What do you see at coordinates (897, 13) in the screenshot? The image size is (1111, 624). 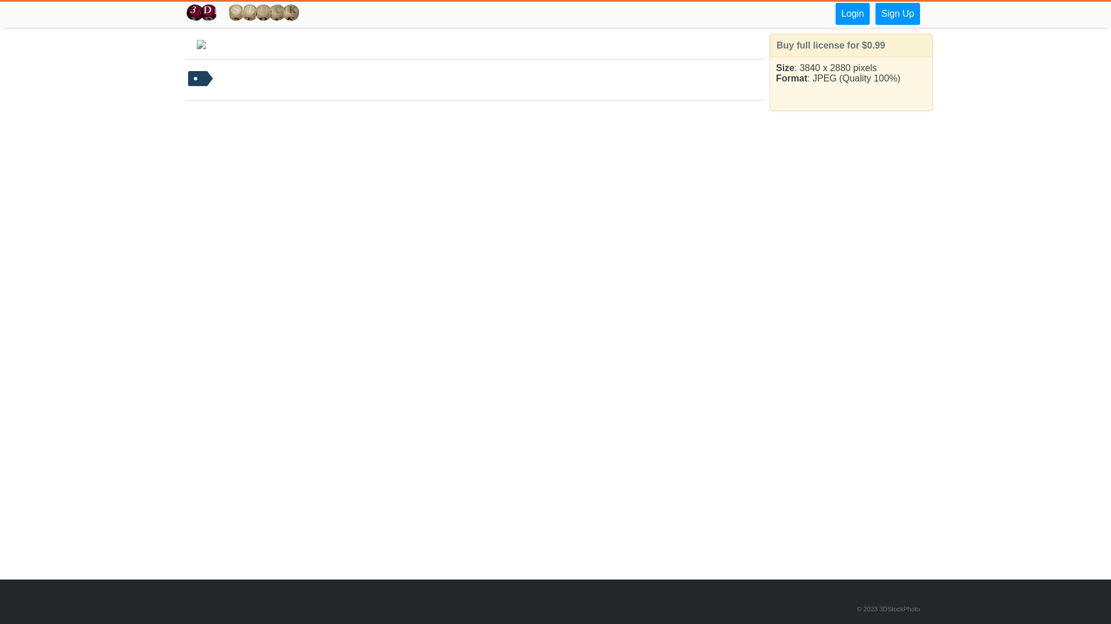 I see `'Sign Up'` at bounding box center [897, 13].